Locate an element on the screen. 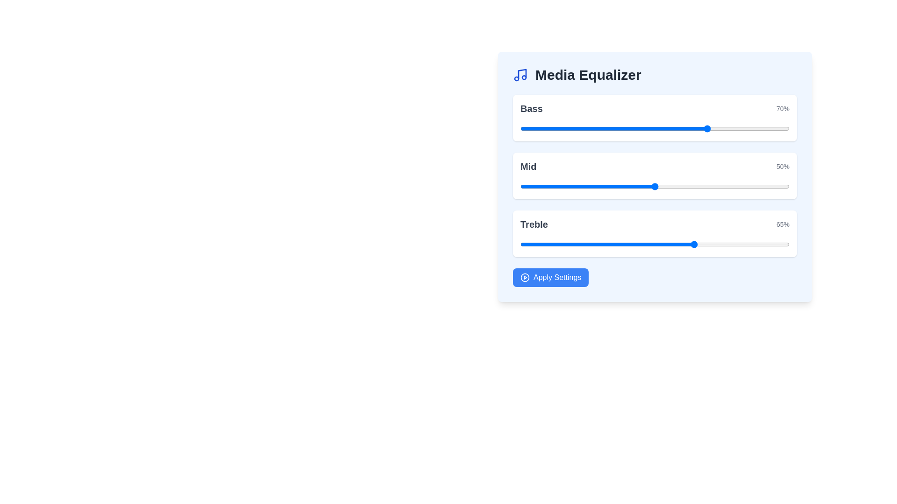  treble is located at coordinates (768, 244).